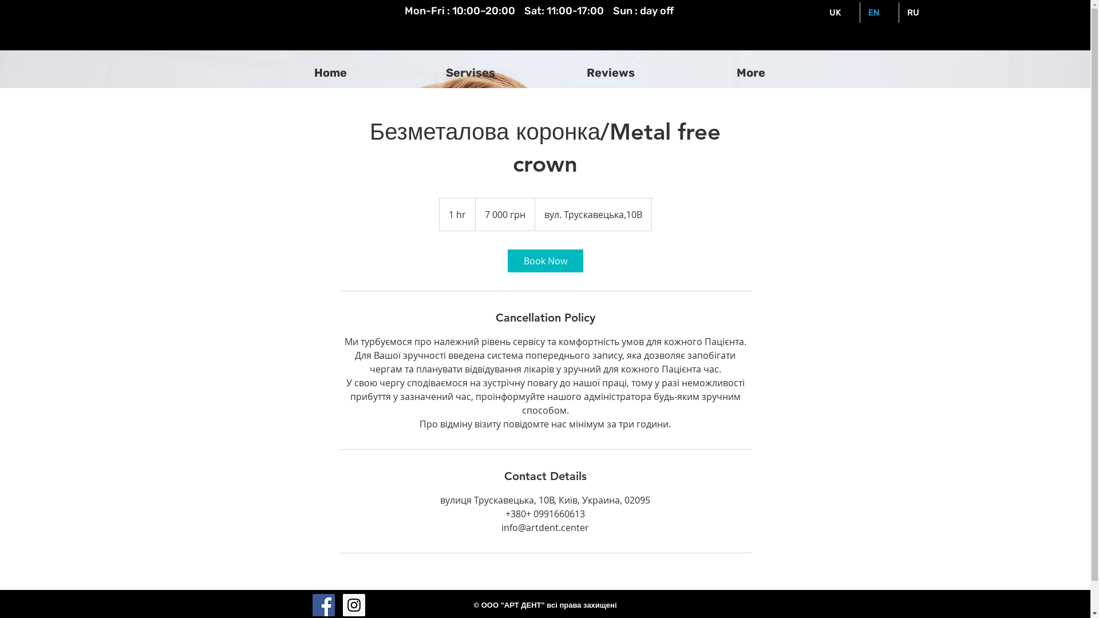 Image resolution: width=1099 pixels, height=618 pixels. What do you see at coordinates (259, 73) in the screenshot?
I see `'Home'` at bounding box center [259, 73].